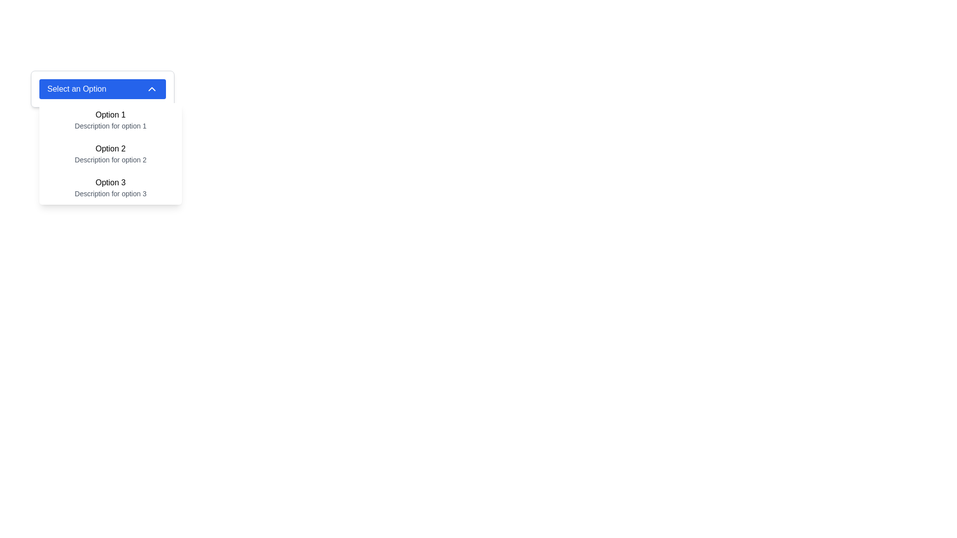  What do you see at coordinates (110, 188) in the screenshot?
I see `the third option in the dropdown menu` at bounding box center [110, 188].